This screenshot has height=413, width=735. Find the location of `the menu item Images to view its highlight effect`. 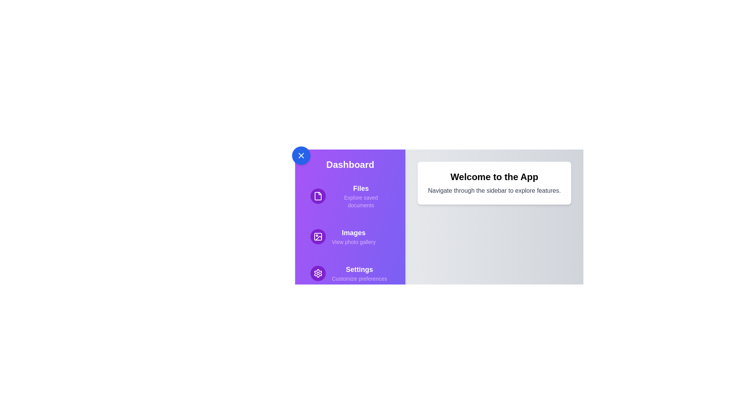

the menu item Images to view its highlight effect is located at coordinates (350, 236).